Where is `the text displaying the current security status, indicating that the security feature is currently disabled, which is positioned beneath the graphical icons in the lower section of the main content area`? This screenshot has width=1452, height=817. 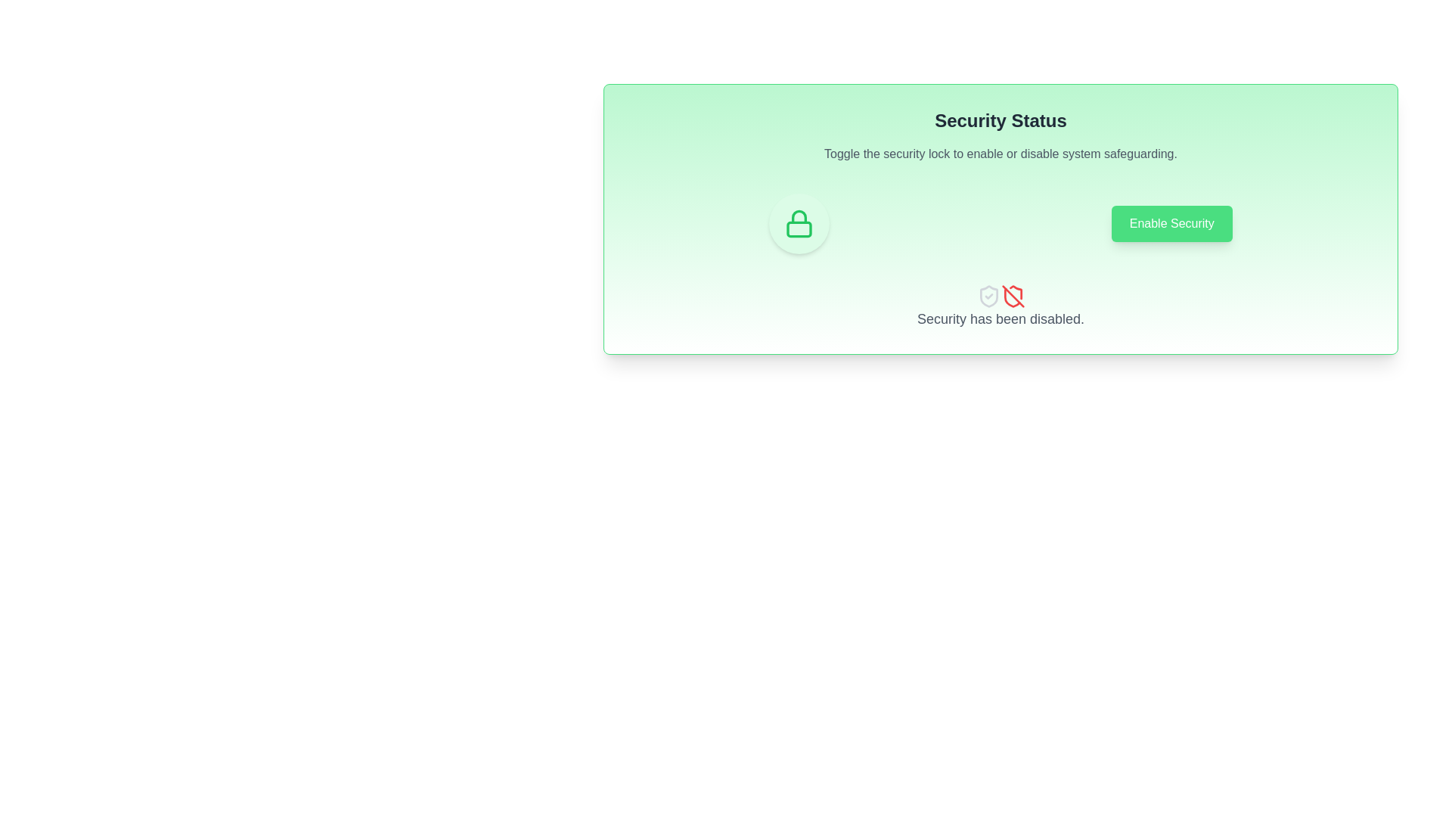
the text displaying the current security status, indicating that the security feature is currently disabled, which is positioned beneath the graphical icons in the lower section of the main content area is located at coordinates (1001, 318).